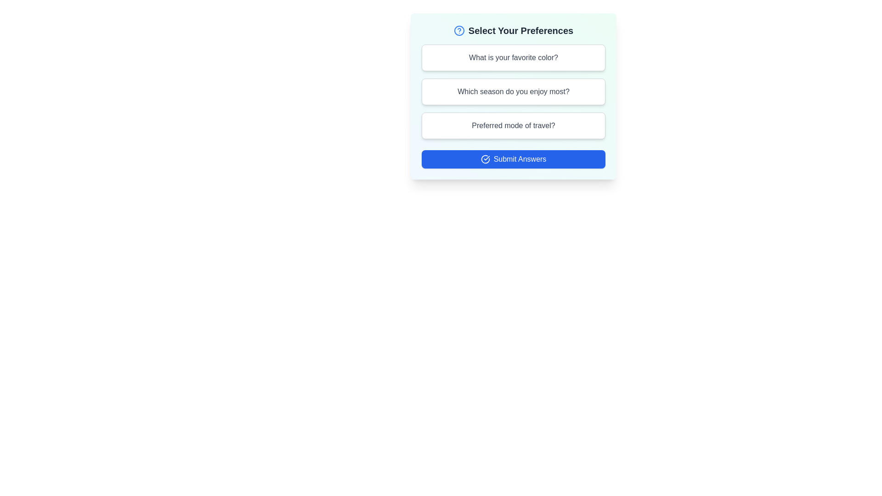 Image resolution: width=882 pixels, height=496 pixels. I want to click on the question card labeled 'Which season do you enjoy most?' to preview its selection state, so click(513, 92).